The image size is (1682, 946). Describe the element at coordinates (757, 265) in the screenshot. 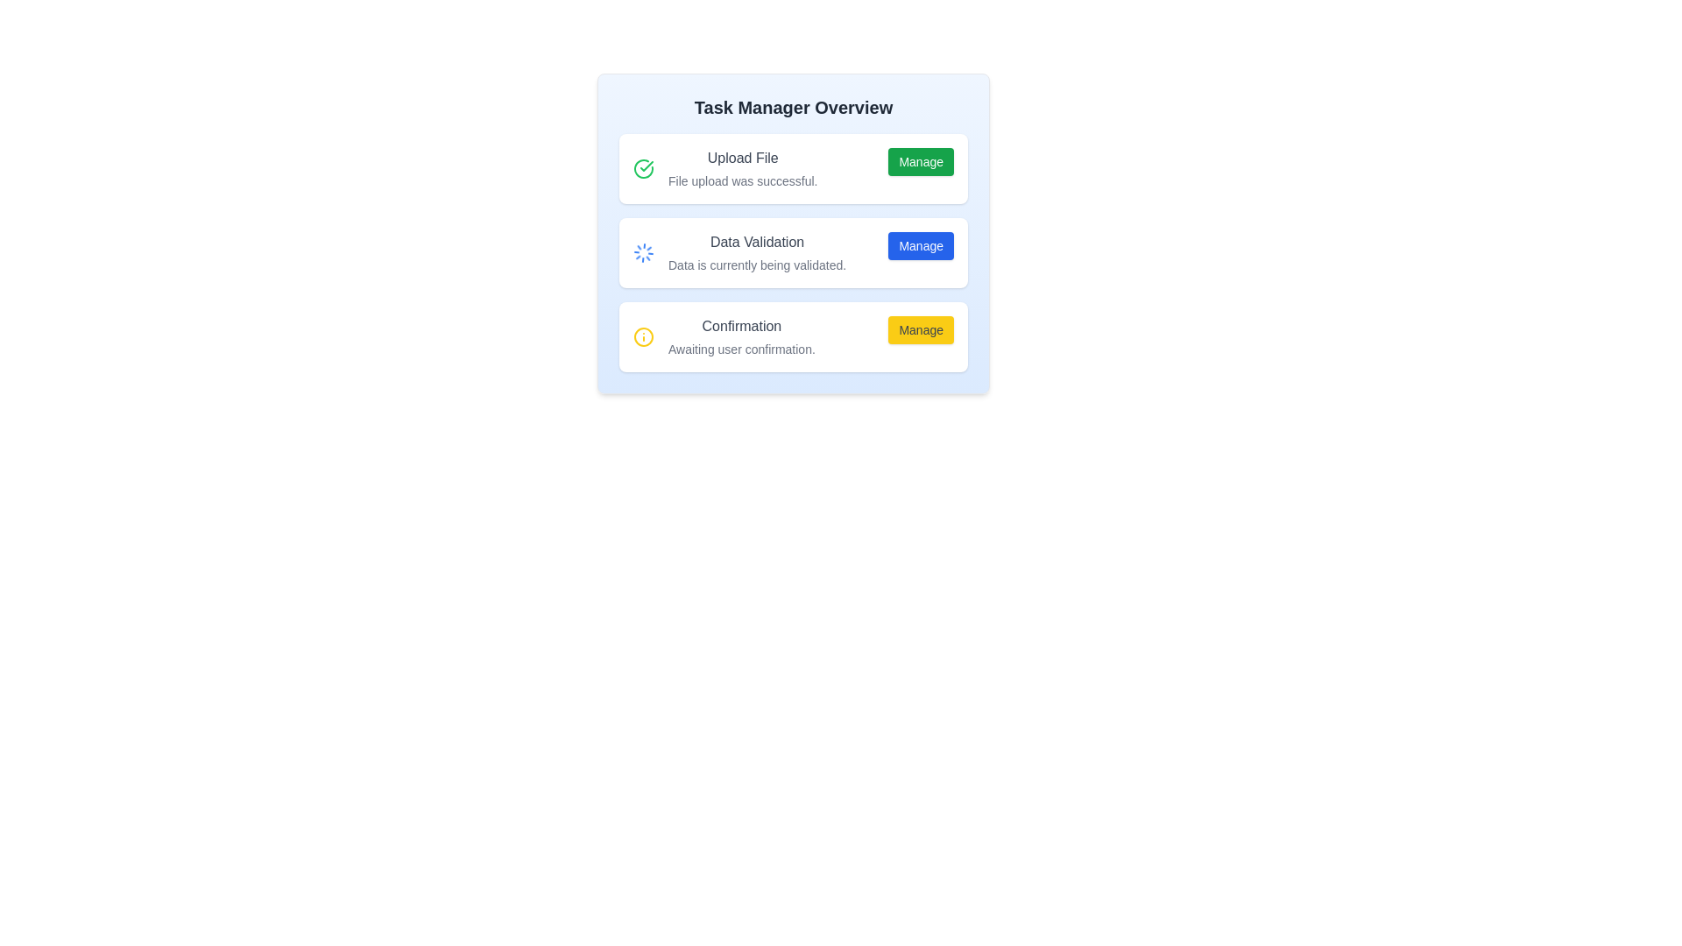

I see `the status message text located below the 'Data Validation' heading to read the ongoing validation process status` at that location.